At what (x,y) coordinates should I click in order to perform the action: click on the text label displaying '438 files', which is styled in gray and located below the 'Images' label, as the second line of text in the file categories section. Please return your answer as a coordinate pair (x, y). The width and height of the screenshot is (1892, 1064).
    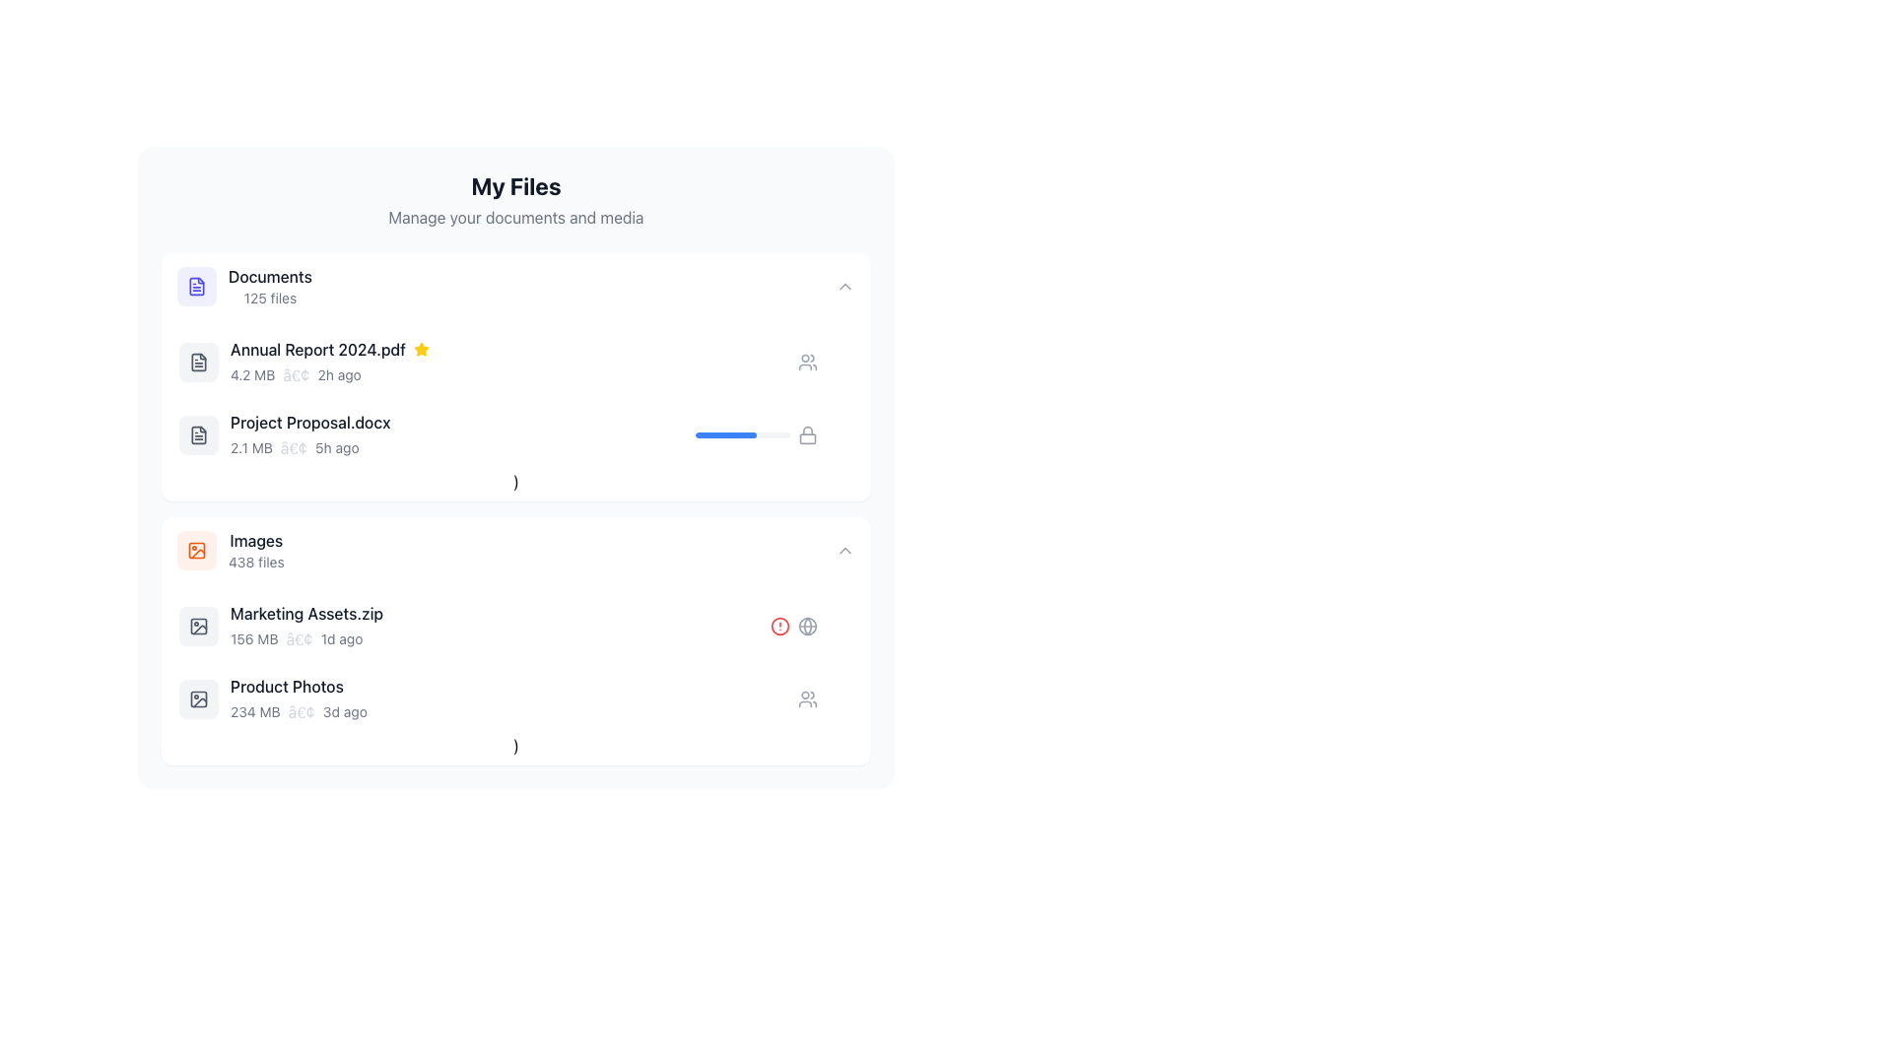
    Looking at the image, I should click on (255, 562).